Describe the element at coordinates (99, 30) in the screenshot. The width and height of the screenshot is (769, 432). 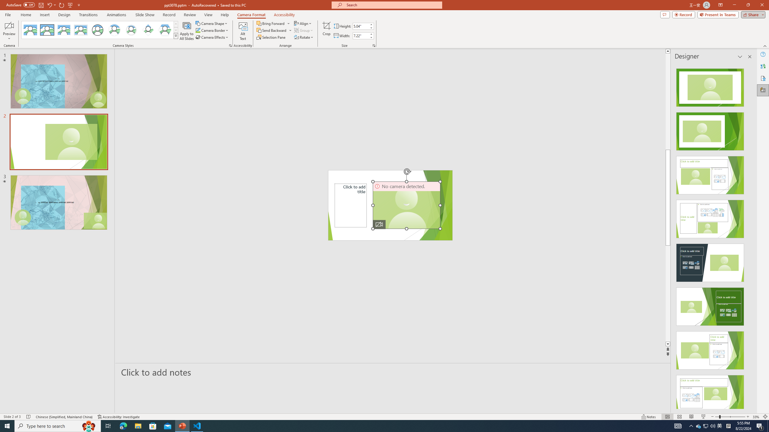
I see `'AutomationID: CameoStylesGallery'` at that location.